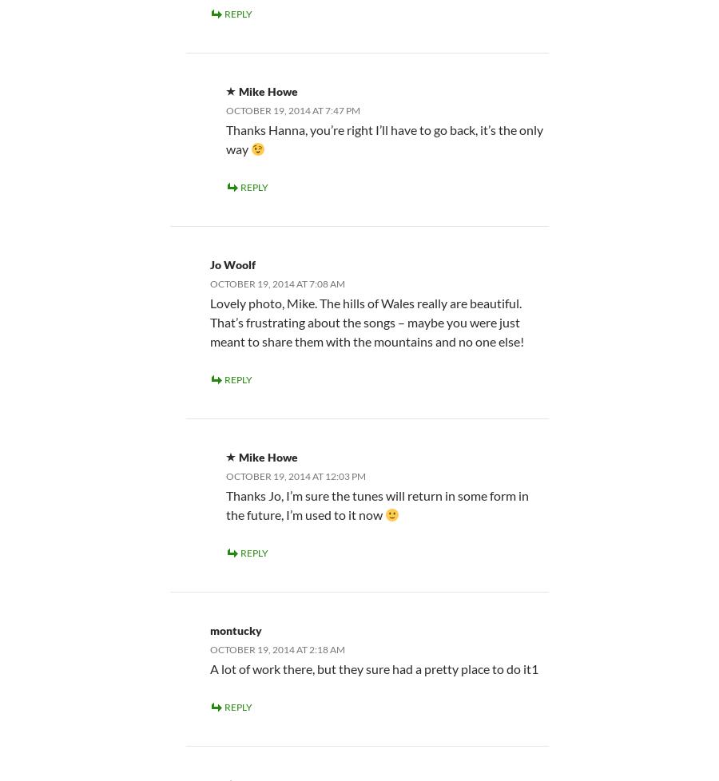 This screenshot has width=719, height=781. Describe the element at coordinates (293, 109) in the screenshot. I see `'October 19, 2014 at 7:47 pm'` at that location.